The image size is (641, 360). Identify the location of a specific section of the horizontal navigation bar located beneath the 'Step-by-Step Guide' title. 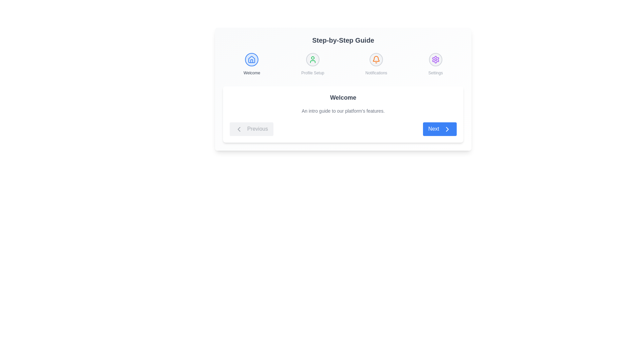
(343, 64).